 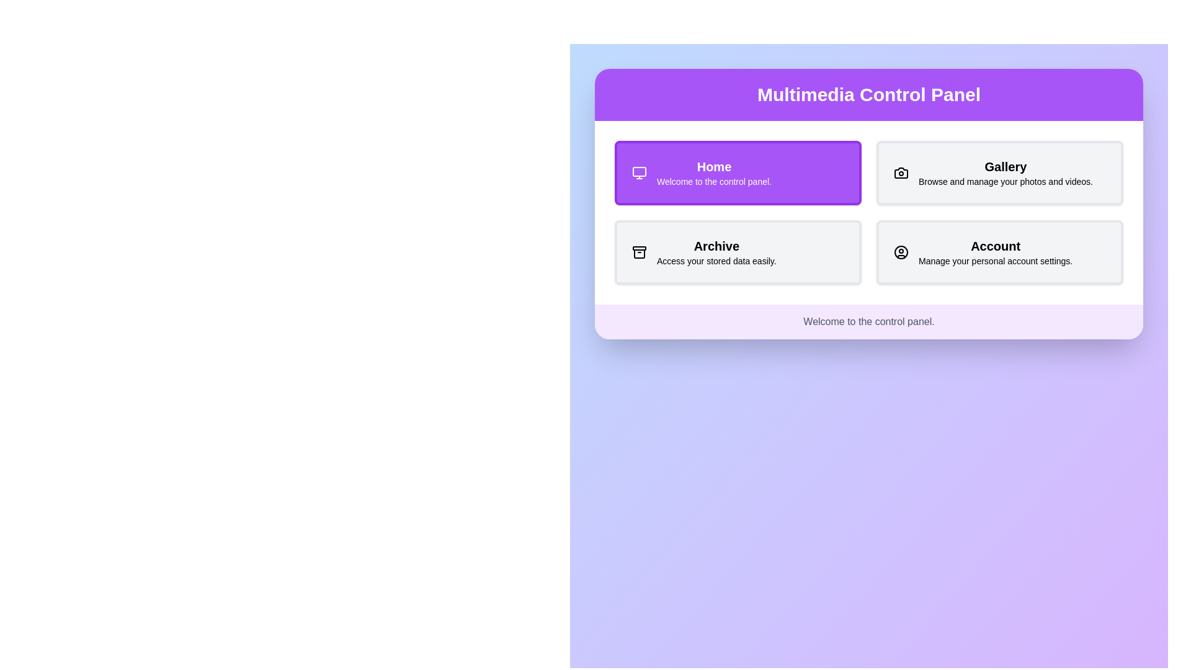 What do you see at coordinates (1000, 252) in the screenshot?
I see `the Account section by clicking its button` at bounding box center [1000, 252].